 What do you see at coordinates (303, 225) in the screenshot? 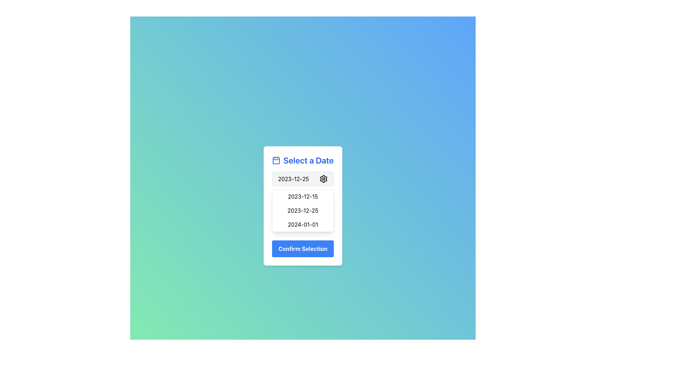
I see `the list item text displaying the date '2024-01-01'` at bounding box center [303, 225].